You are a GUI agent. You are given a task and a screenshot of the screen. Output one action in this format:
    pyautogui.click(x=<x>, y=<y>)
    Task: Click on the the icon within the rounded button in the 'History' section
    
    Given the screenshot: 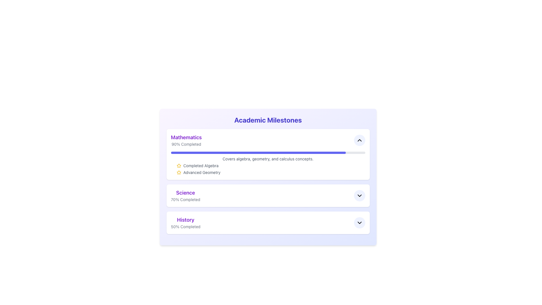 What is the action you would take?
    pyautogui.click(x=359, y=223)
    